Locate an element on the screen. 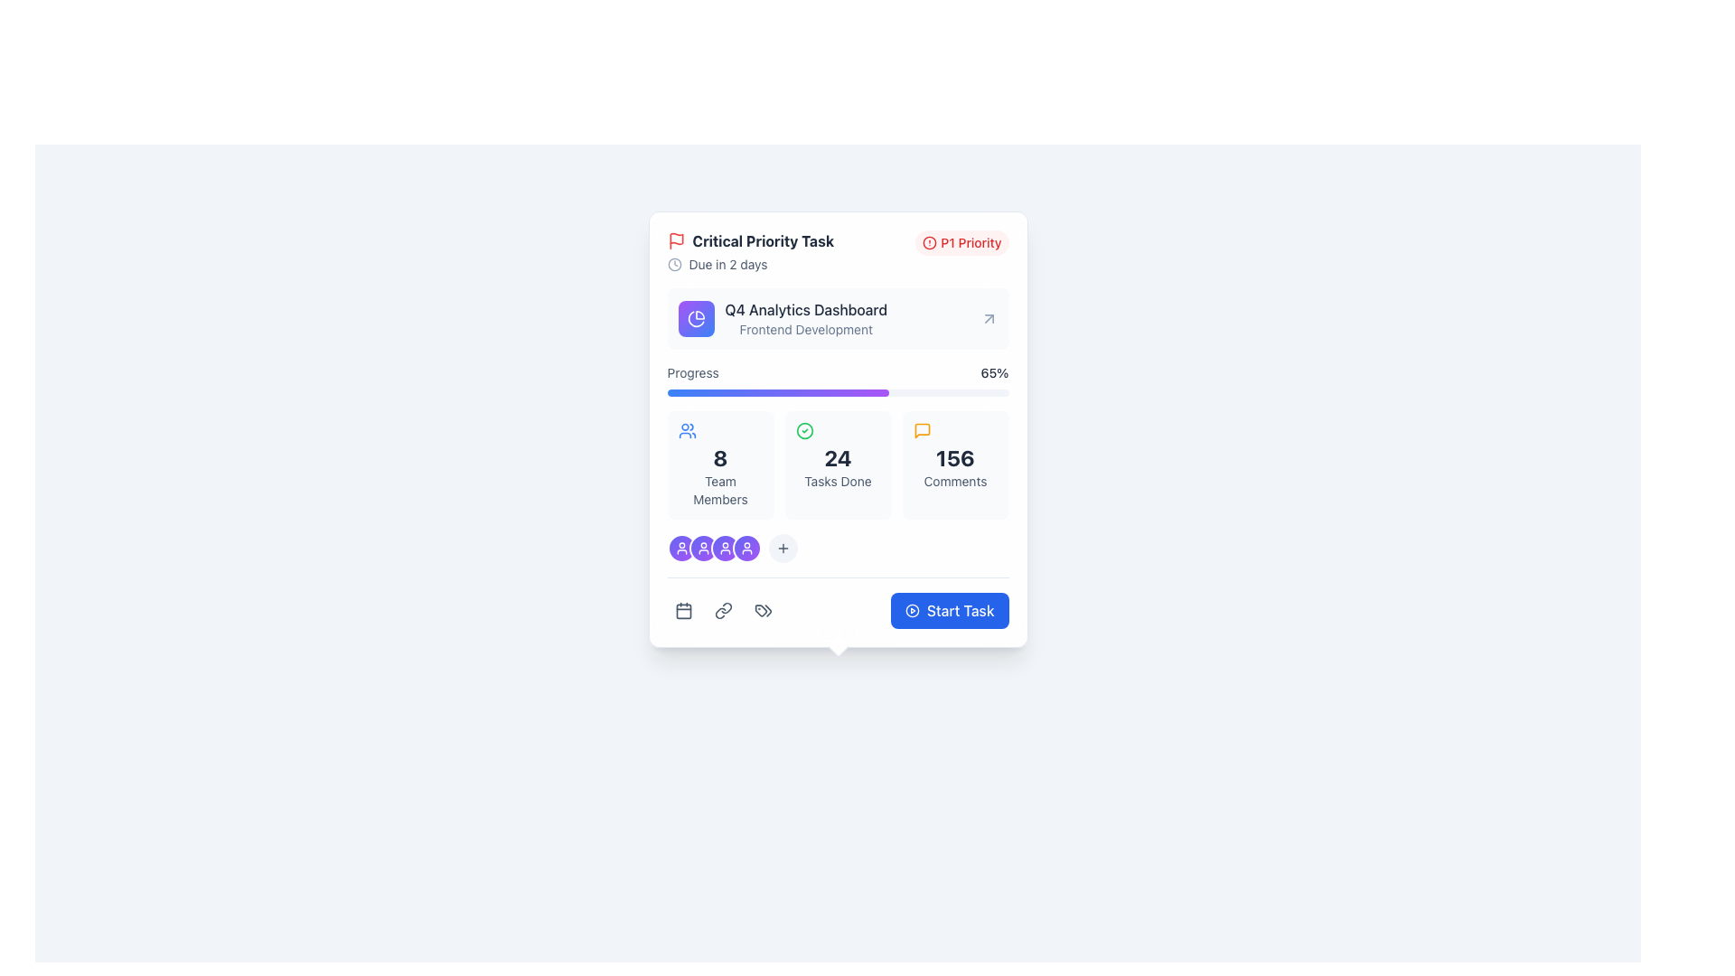 The height and width of the screenshot is (976, 1735). the 'time' SVG icon located to the left of the text 'Due in 2 days' at the top-left area of the card titled 'Critical Priority Task' is located at coordinates (673, 265).